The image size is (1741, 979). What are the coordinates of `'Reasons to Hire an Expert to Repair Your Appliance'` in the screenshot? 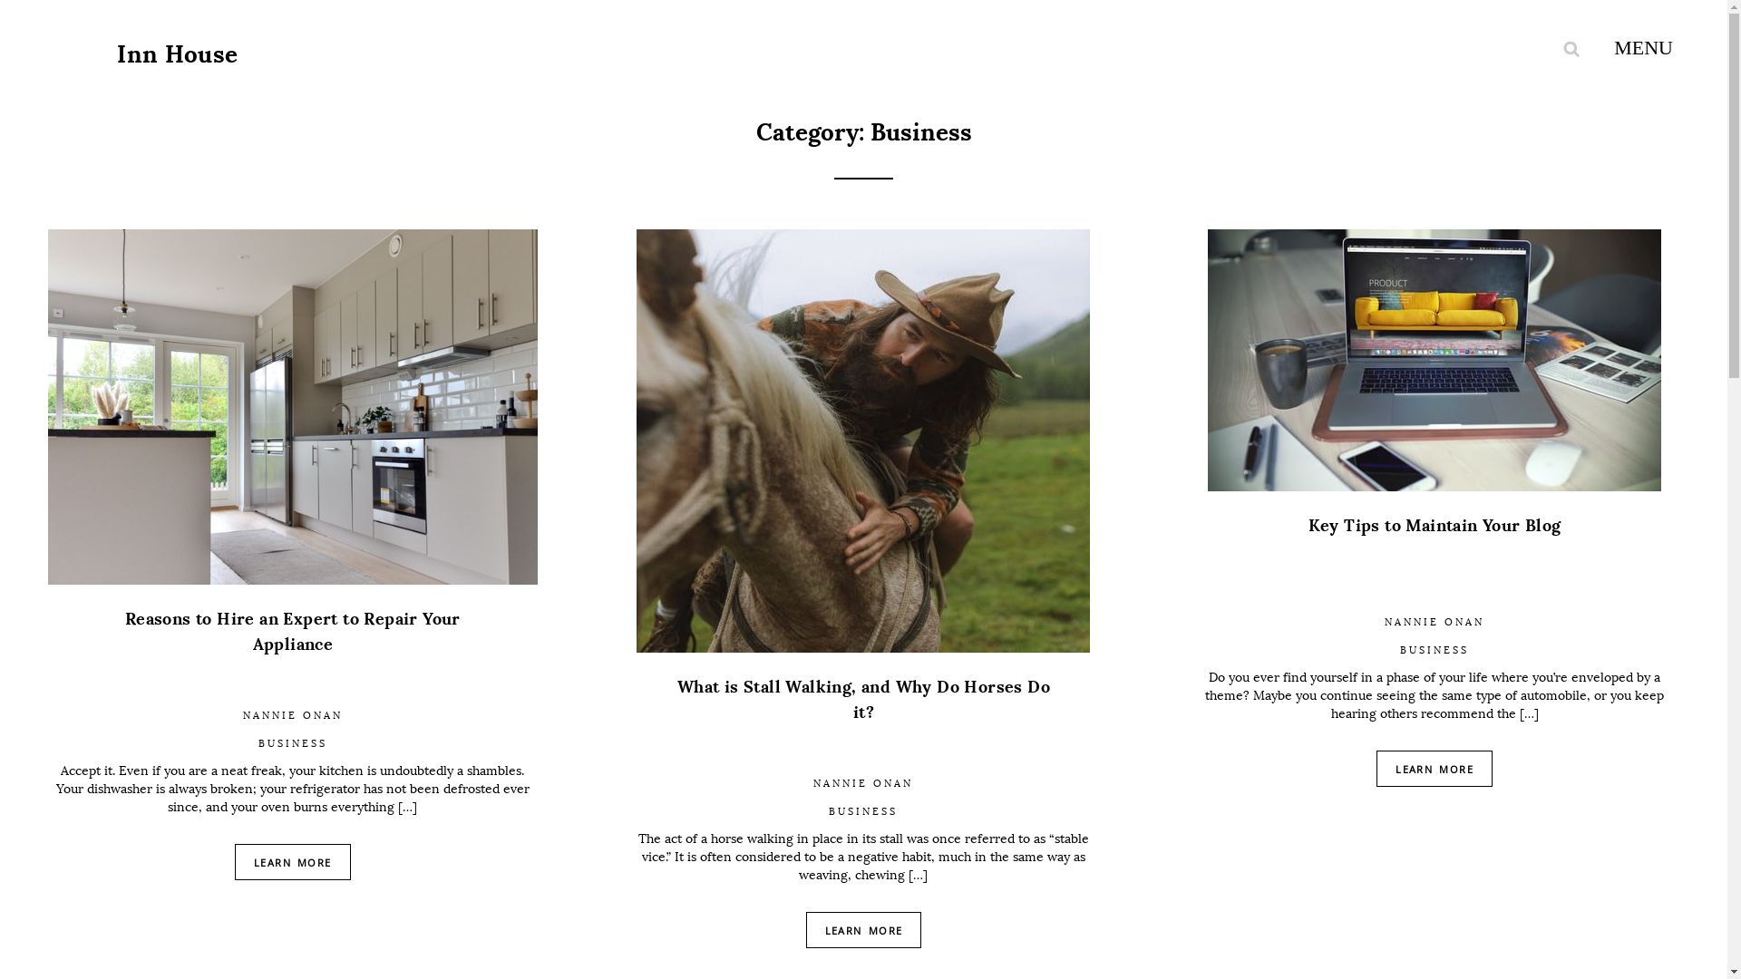 It's located at (292, 650).